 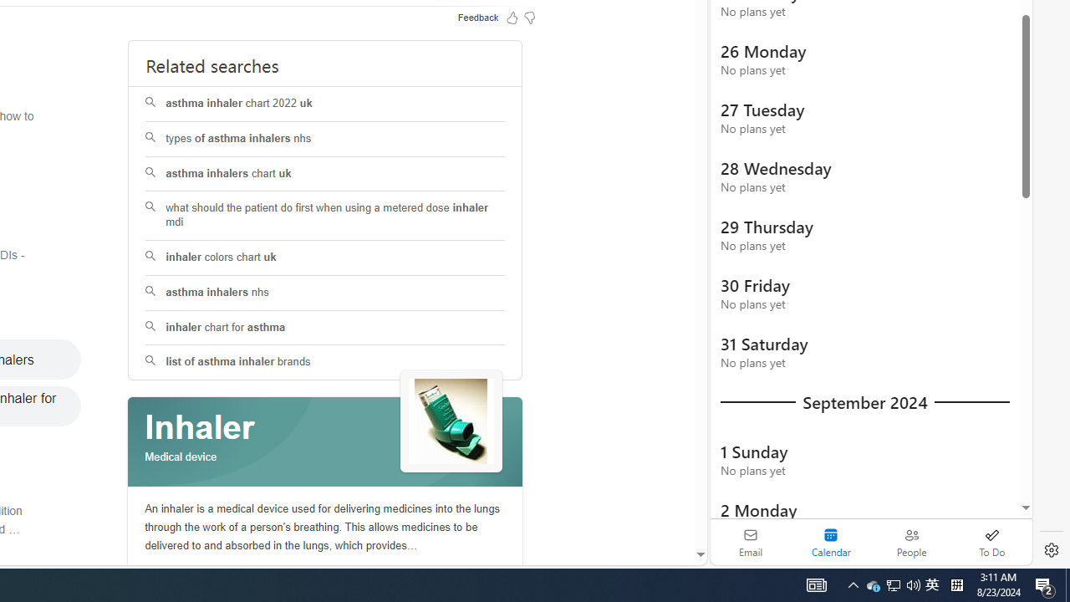 What do you see at coordinates (325, 362) in the screenshot?
I see `'list of asthma inhaler brands'` at bounding box center [325, 362].